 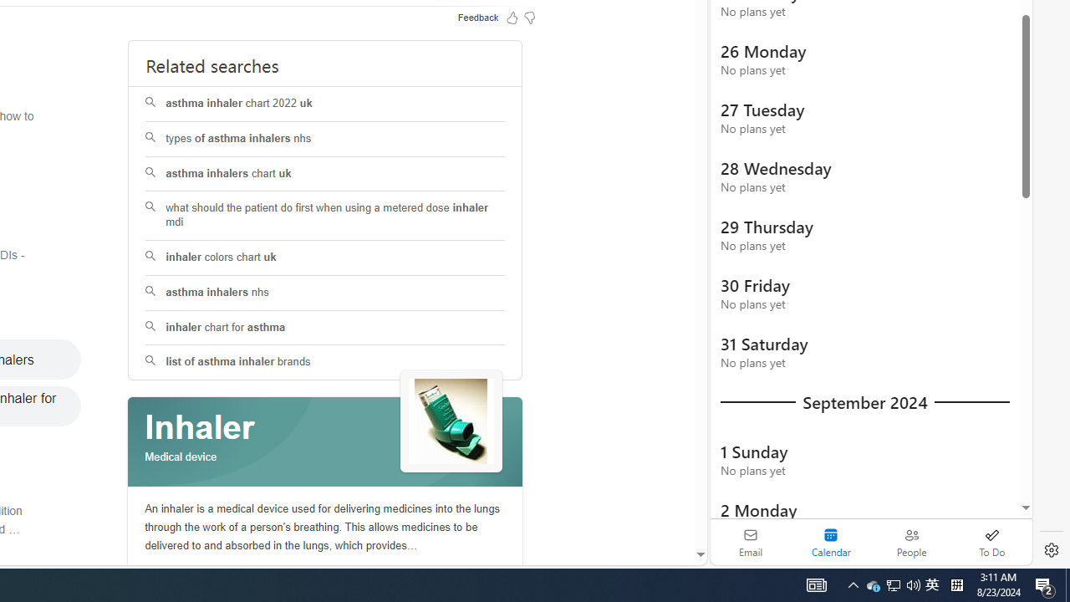 What do you see at coordinates (325, 362) in the screenshot?
I see `'list of asthma inhaler brands'` at bounding box center [325, 362].